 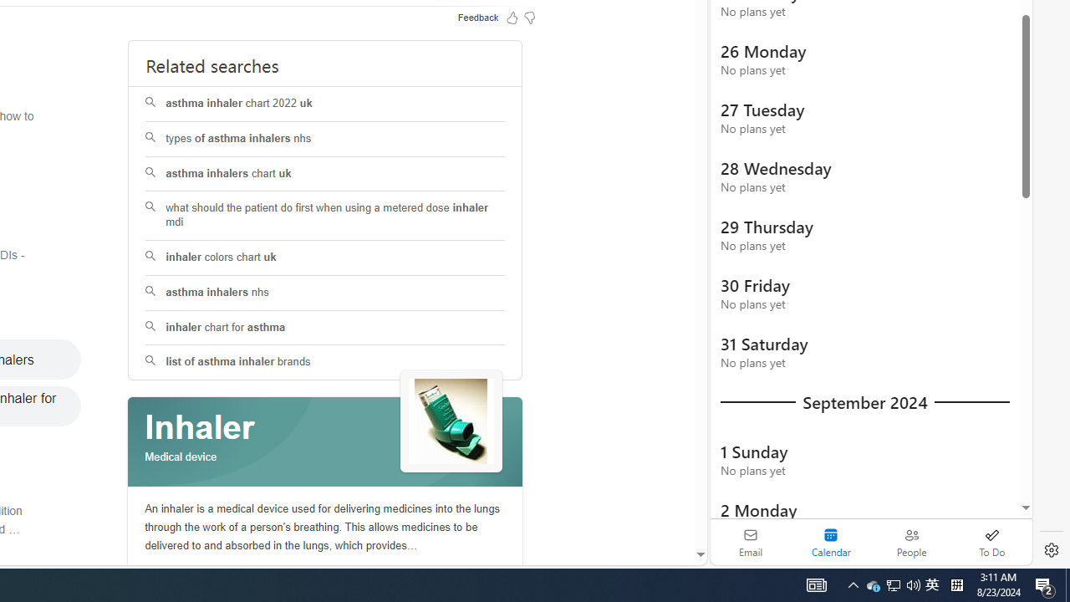 What do you see at coordinates (325, 362) in the screenshot?
I see `'list of asthma inhaler brands'` at bounding box center [325, 362].